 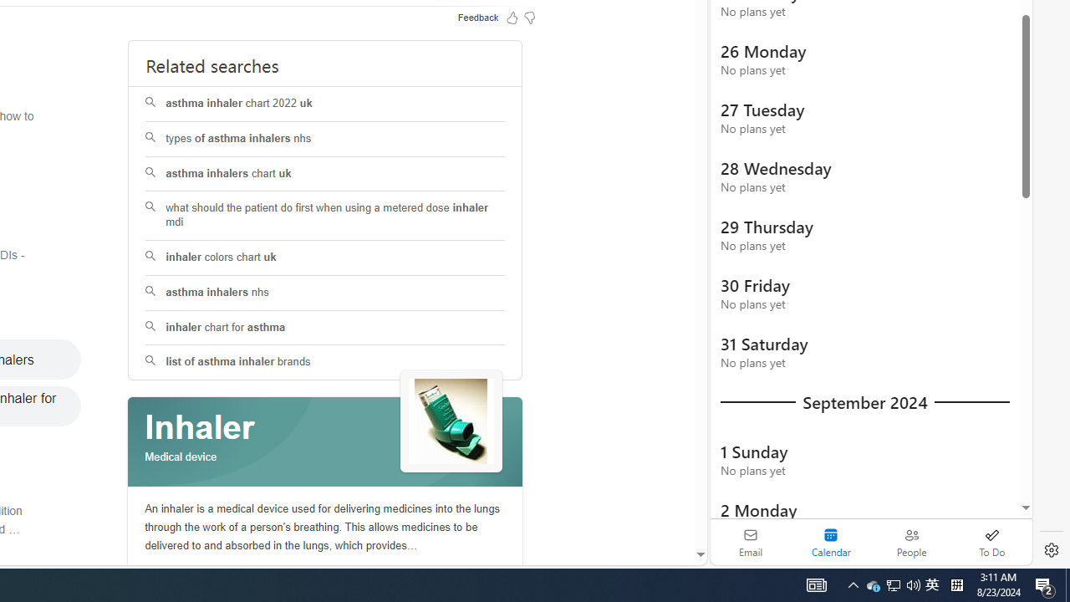 What do you see at coordinates (325, 362) in the screenshot?
I see `'list of asthma inhaler brands'` at bounding box center [325, 362].